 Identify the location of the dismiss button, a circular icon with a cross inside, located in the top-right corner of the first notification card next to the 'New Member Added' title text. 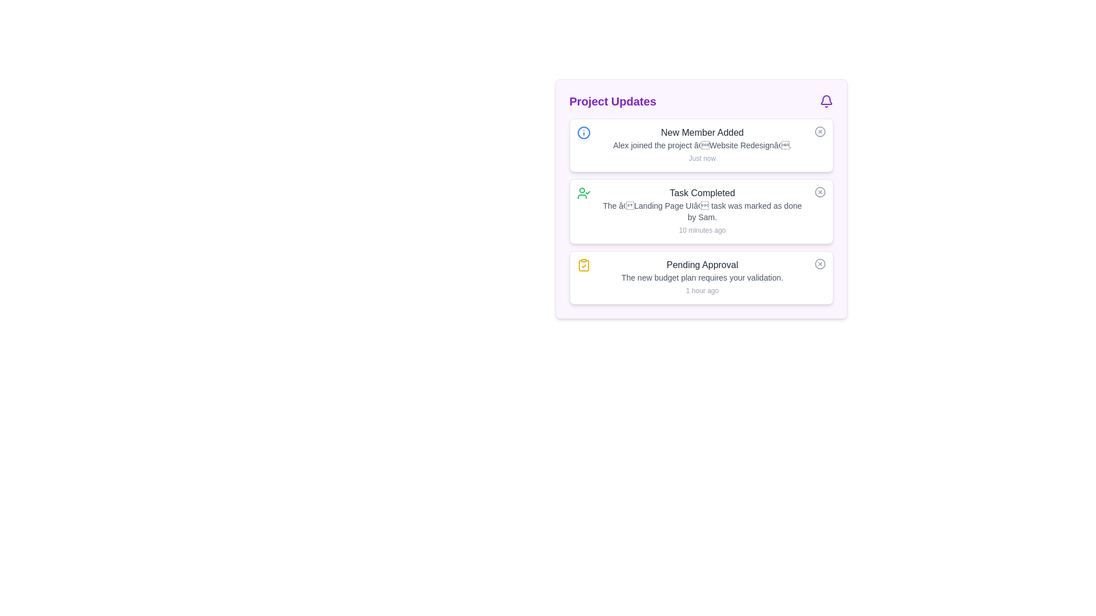
(819, 131).